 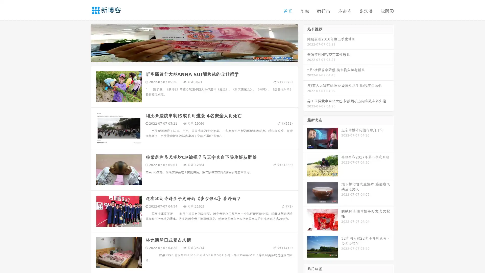 I want to click on Go to slide 1, so click(x=189, y=57).